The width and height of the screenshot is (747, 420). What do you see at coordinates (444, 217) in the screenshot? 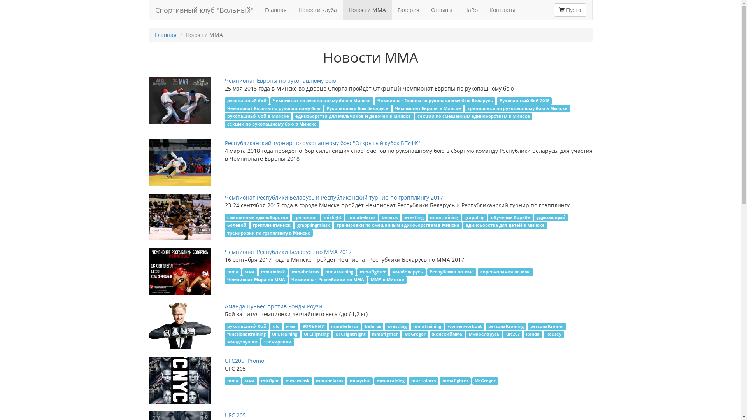
I see `'mmatraining'` at bounding box center [444, 217].